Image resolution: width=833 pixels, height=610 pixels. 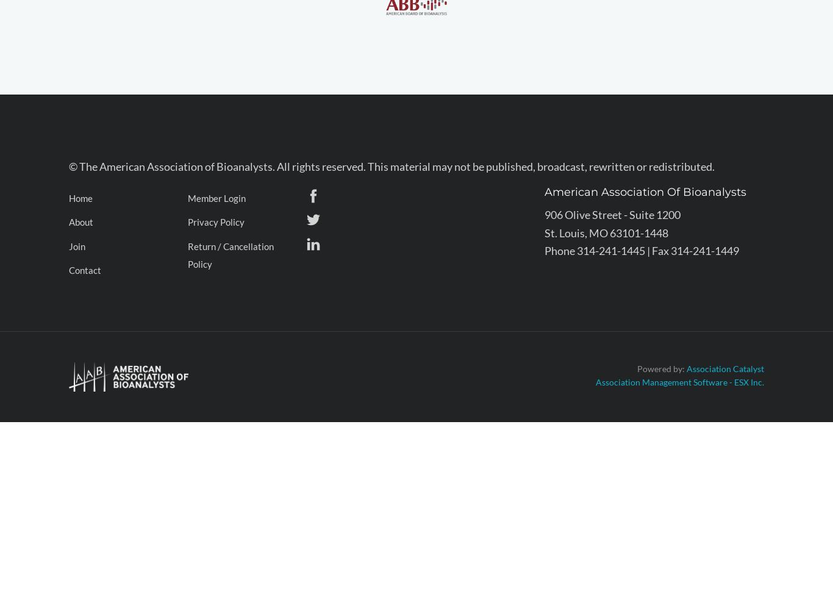 What do you see at coordinates (215, 221) in the screenshot?
I see `'Privacy Policy'` at bounding box center [215, 221].